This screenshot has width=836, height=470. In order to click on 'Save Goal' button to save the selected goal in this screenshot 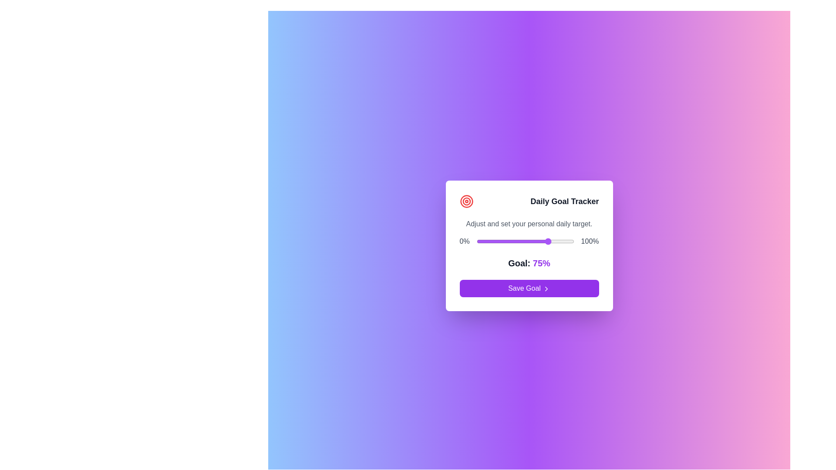, I will do `click(529, 289)`.